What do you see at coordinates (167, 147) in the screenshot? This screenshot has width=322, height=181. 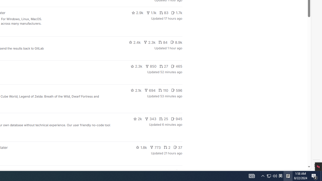 I see `'2'` at bounding box center [167, 147].